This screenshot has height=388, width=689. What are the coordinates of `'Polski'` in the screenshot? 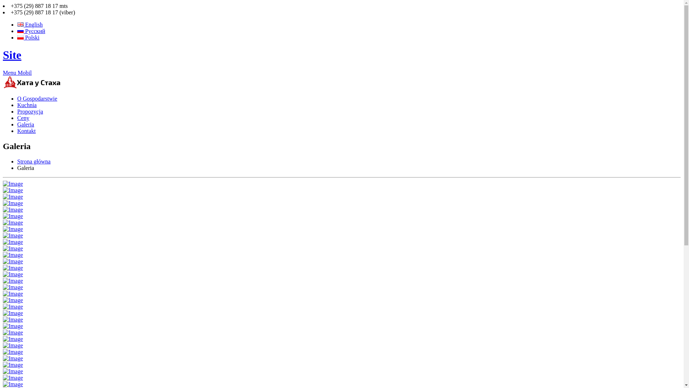 It's located at (28, 37).